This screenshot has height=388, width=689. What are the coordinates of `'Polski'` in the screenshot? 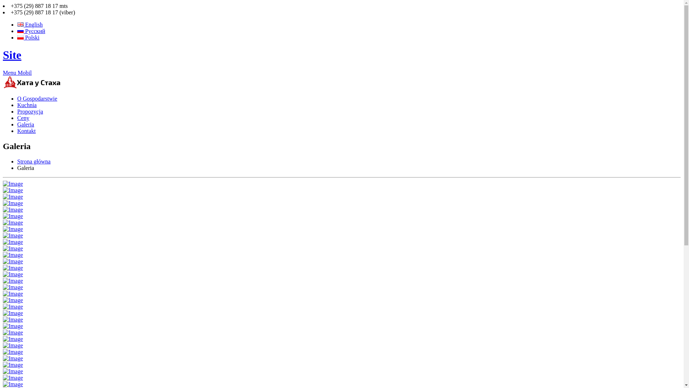 It's located at (28, 37).